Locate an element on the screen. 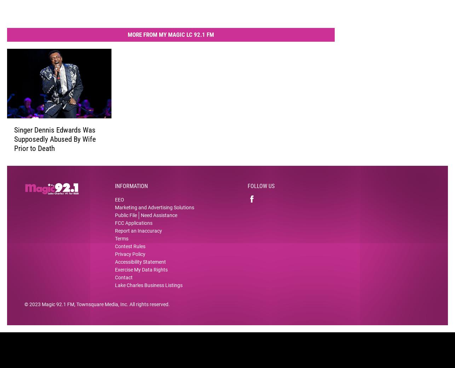 The image size is (455, 368). 'More From My Magic LC 92.1 FM' is located at coordinates (171, 40).